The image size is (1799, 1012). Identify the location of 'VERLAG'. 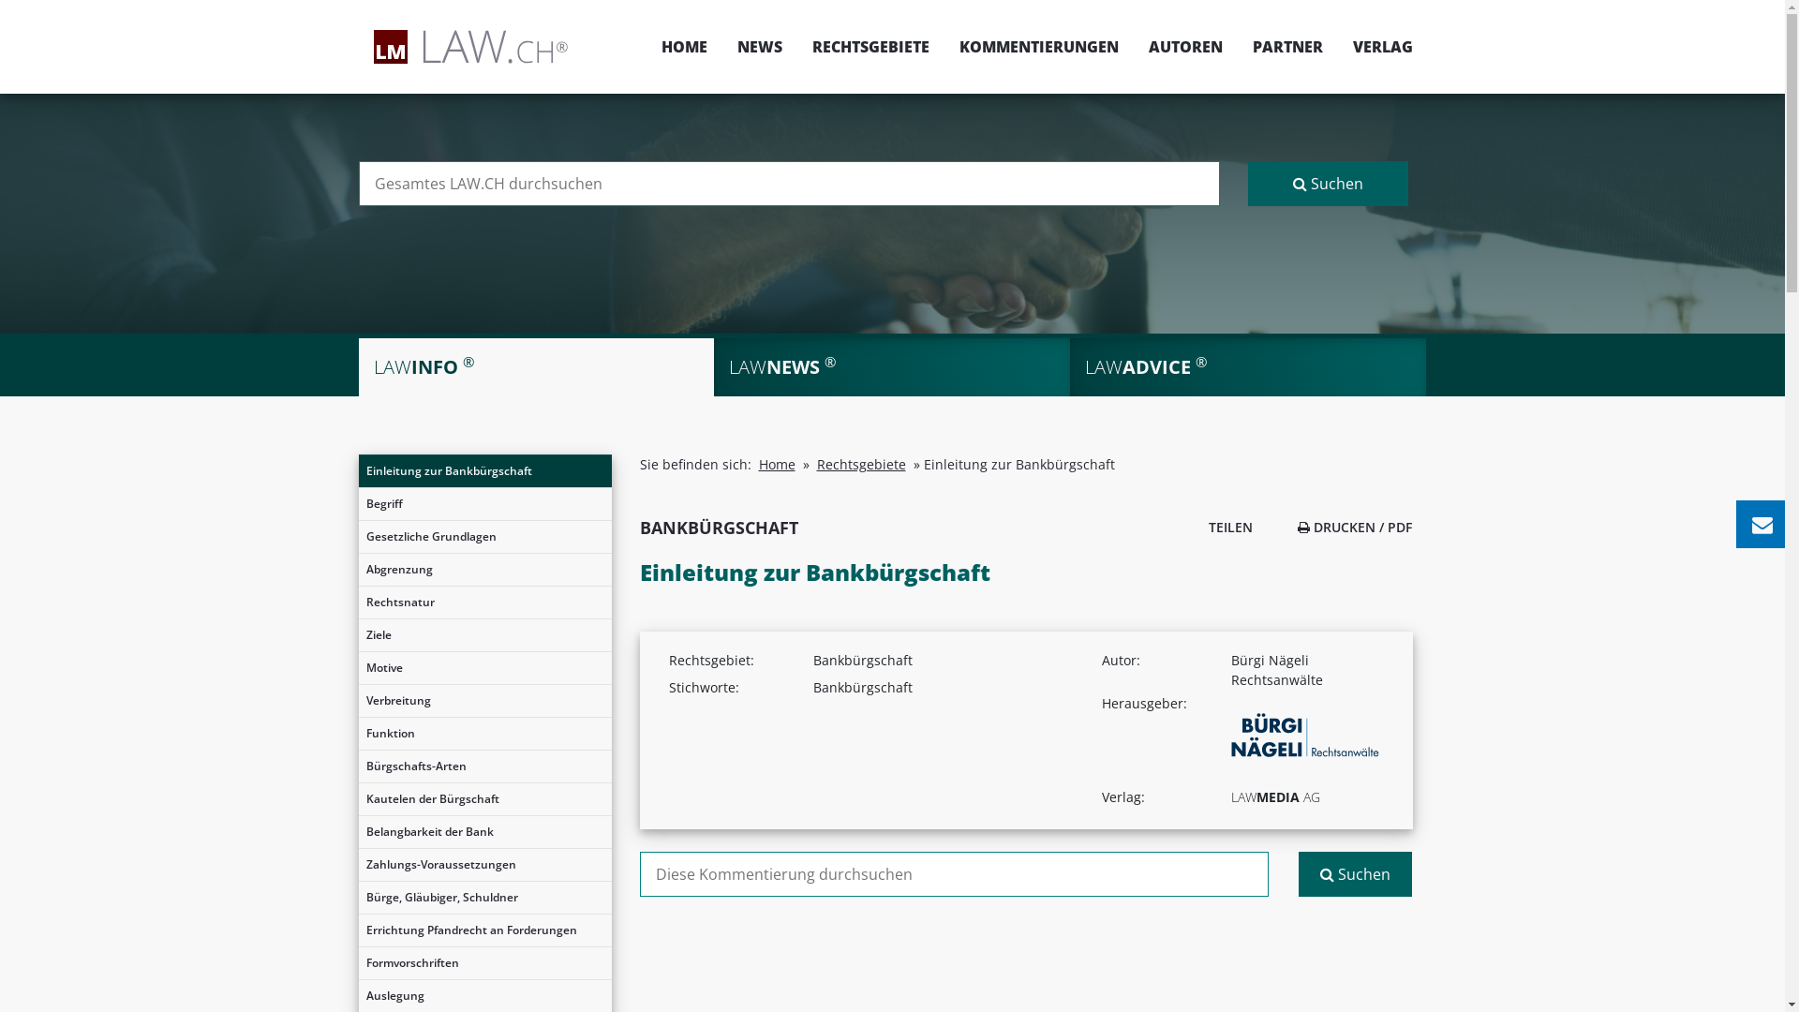
(1375, 46).